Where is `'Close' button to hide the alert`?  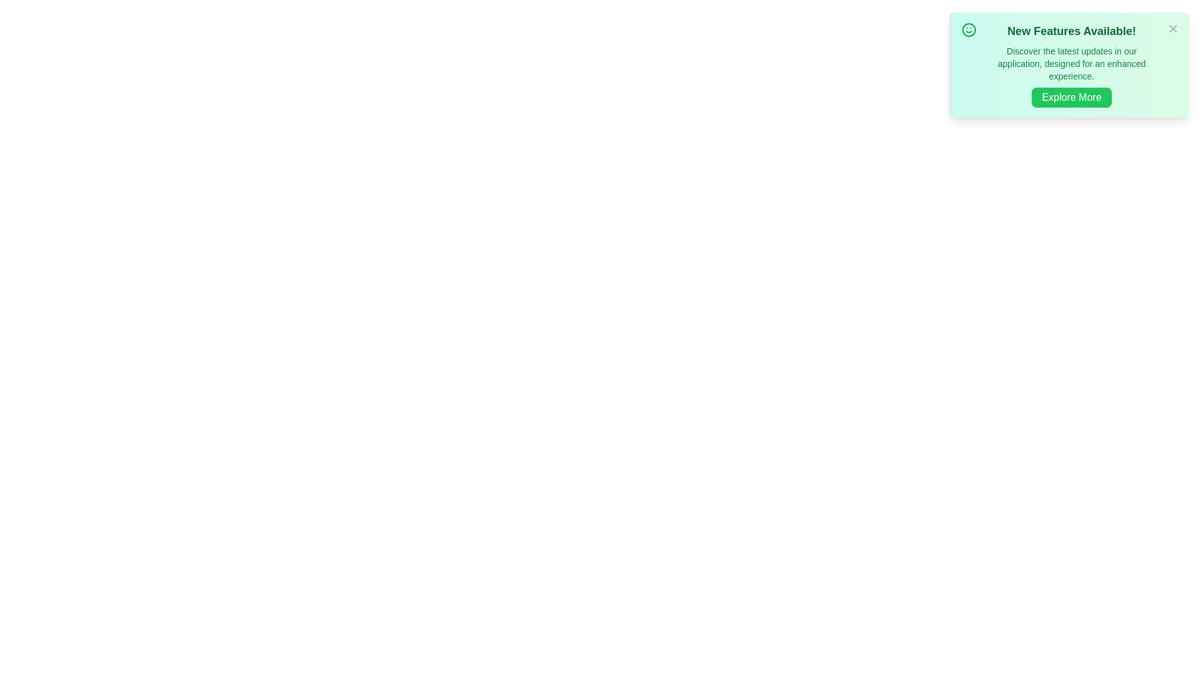
'Close' button to hide the alert is located at coordinates (1172, 28).